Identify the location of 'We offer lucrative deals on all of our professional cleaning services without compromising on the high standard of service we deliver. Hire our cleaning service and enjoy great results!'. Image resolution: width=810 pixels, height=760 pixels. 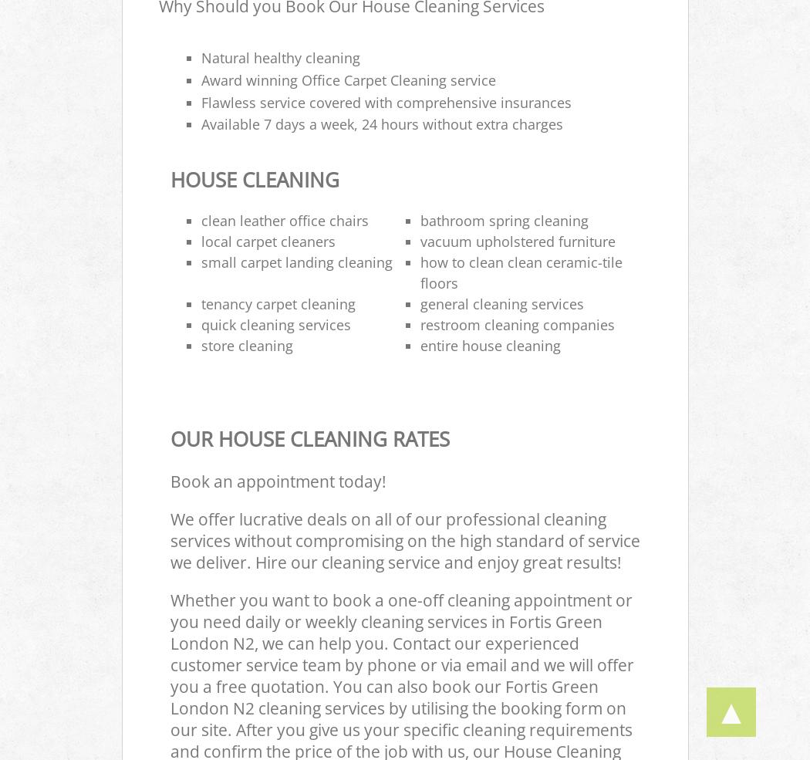
(403, 540).